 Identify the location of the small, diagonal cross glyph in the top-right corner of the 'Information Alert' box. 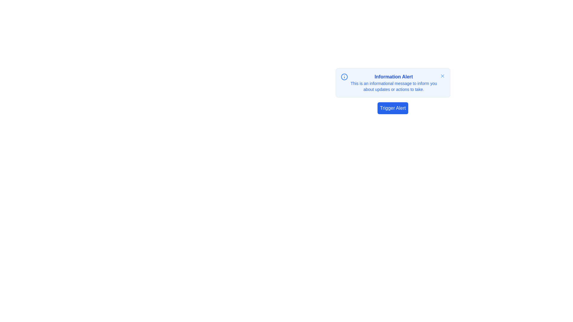
(442, 75).